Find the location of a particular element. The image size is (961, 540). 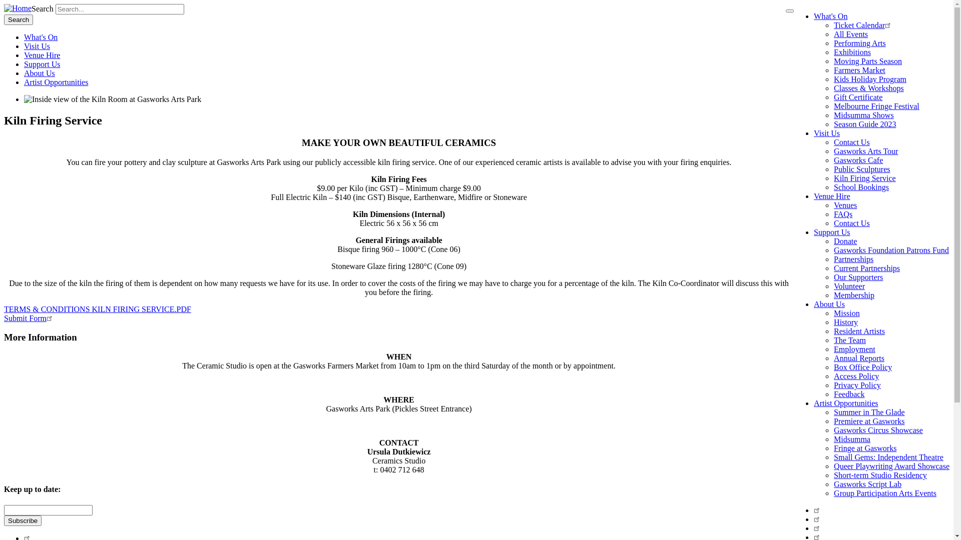

'Home' is located at coordinates (18, 8).